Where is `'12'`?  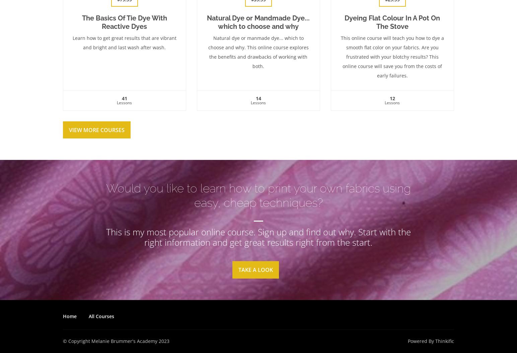
'12' is located at coordinates (391, 98).